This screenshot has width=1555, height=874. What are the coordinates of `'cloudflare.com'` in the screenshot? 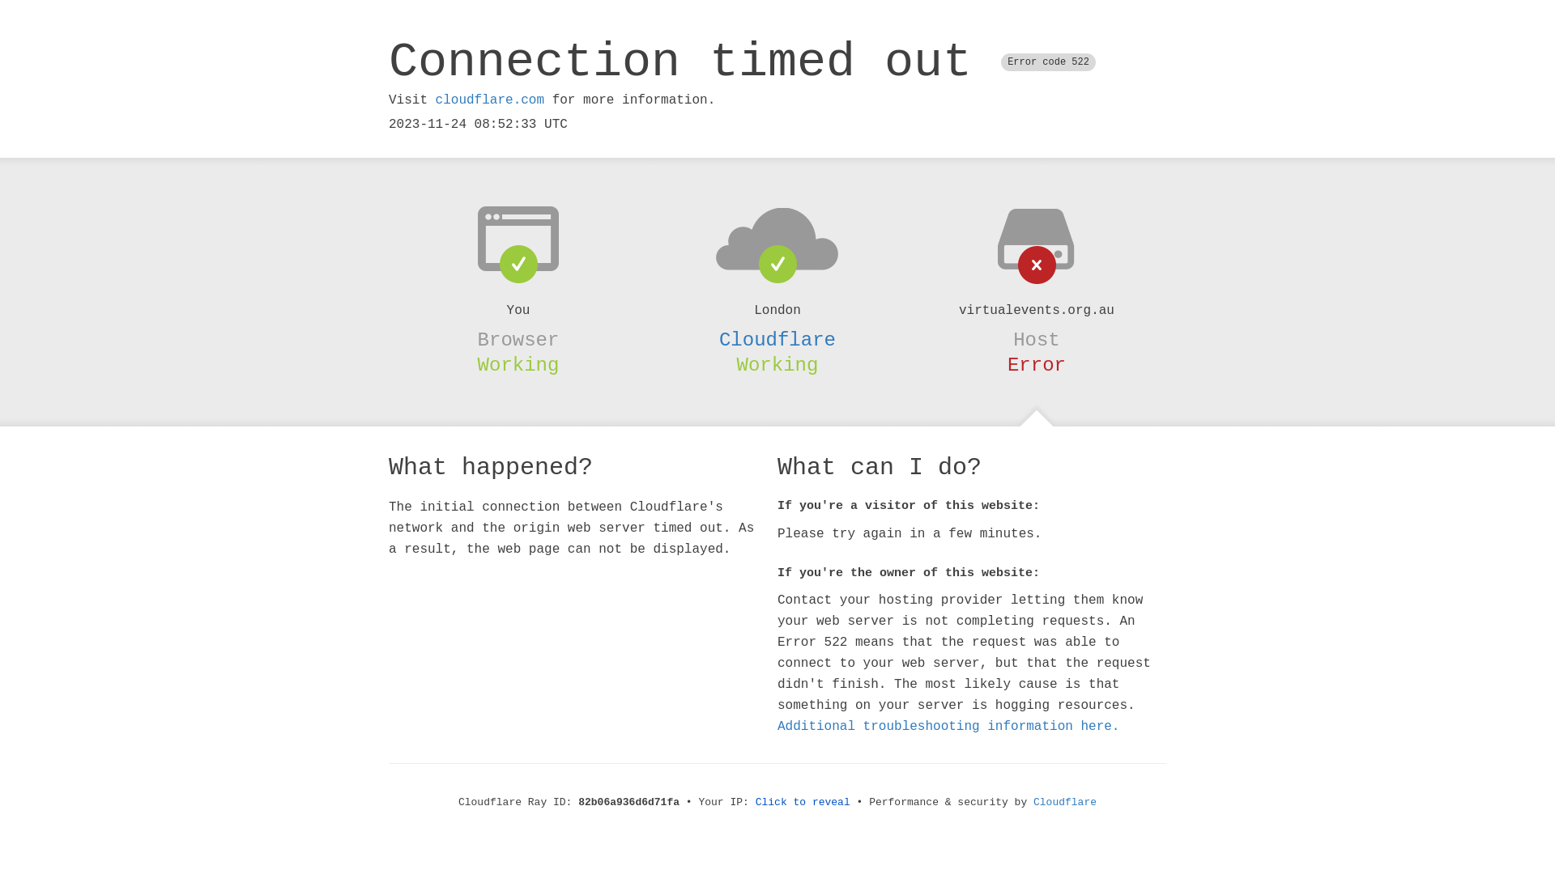 It's located at (435, 100).